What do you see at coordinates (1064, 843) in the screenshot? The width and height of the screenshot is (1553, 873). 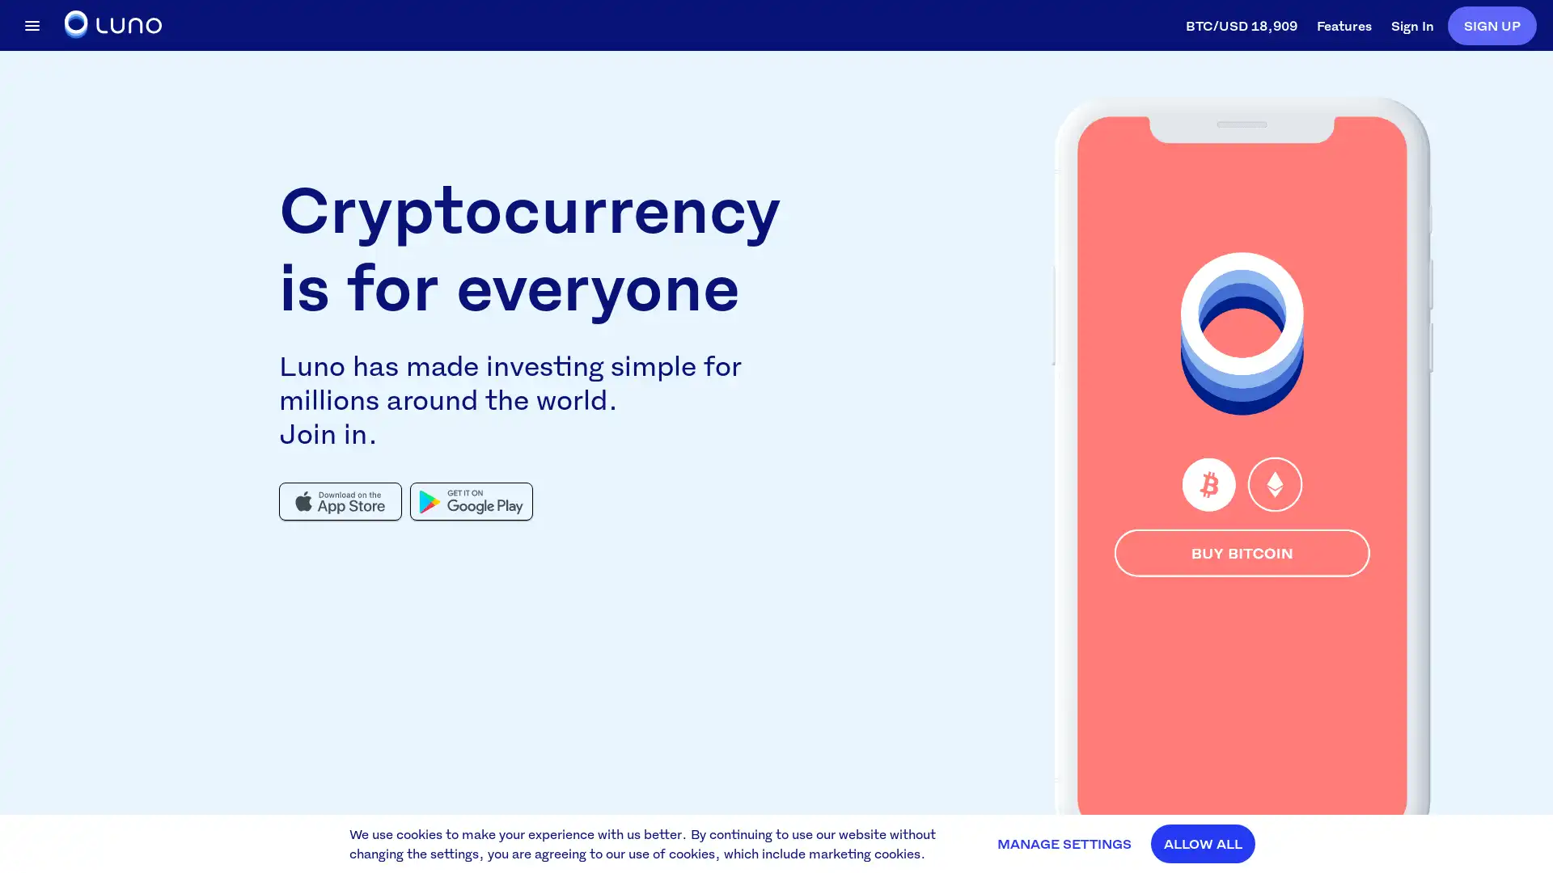 I see `MANAGE SETTINGS` at bounding box center [1064, 843].